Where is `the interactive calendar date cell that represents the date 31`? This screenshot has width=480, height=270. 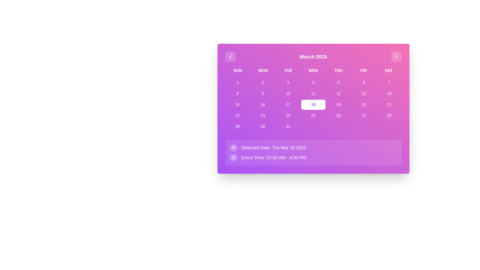
the interactive calendar date cell that represents the date 31 is located at coordinates (288, 126).